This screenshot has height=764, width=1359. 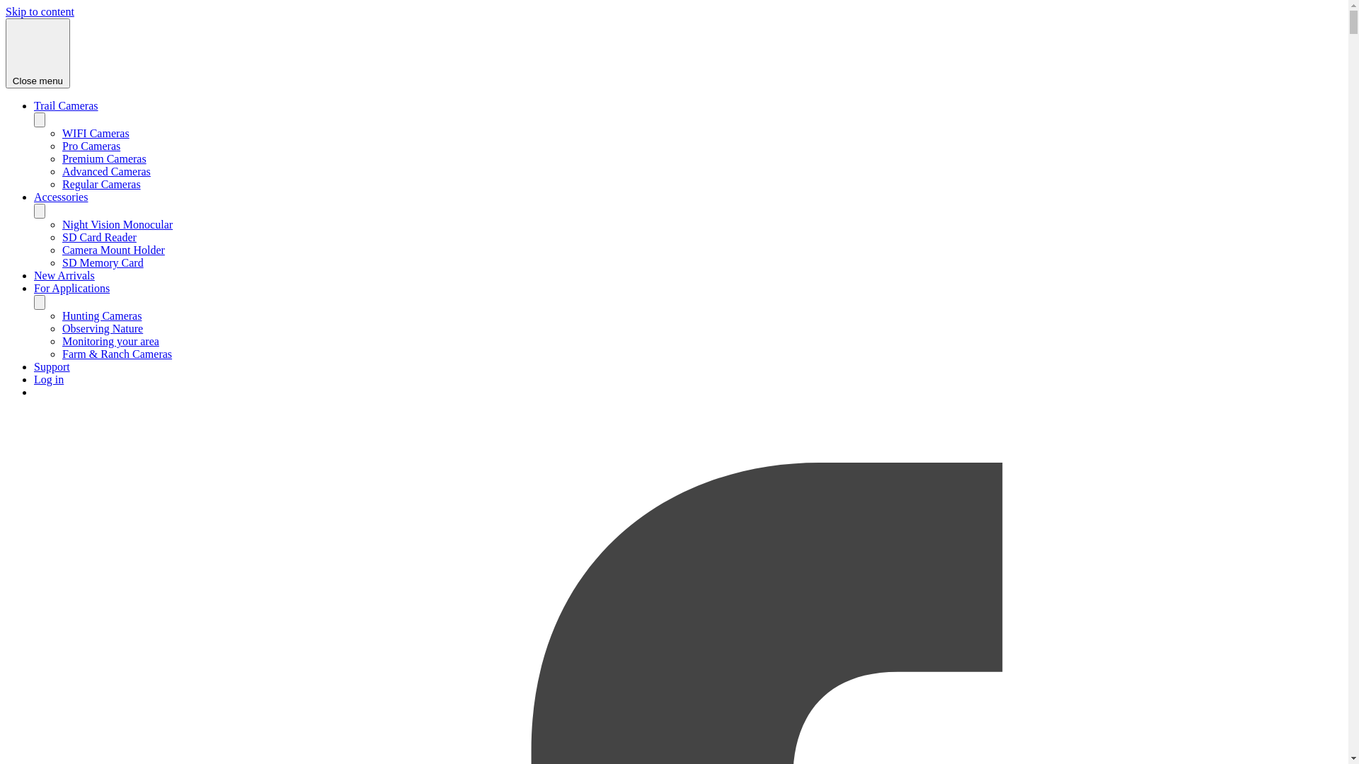 What do you see at coordinates (102, 262) in the screenshot?
I see `'SD Memory Card'` at bounding box center [102, 262].